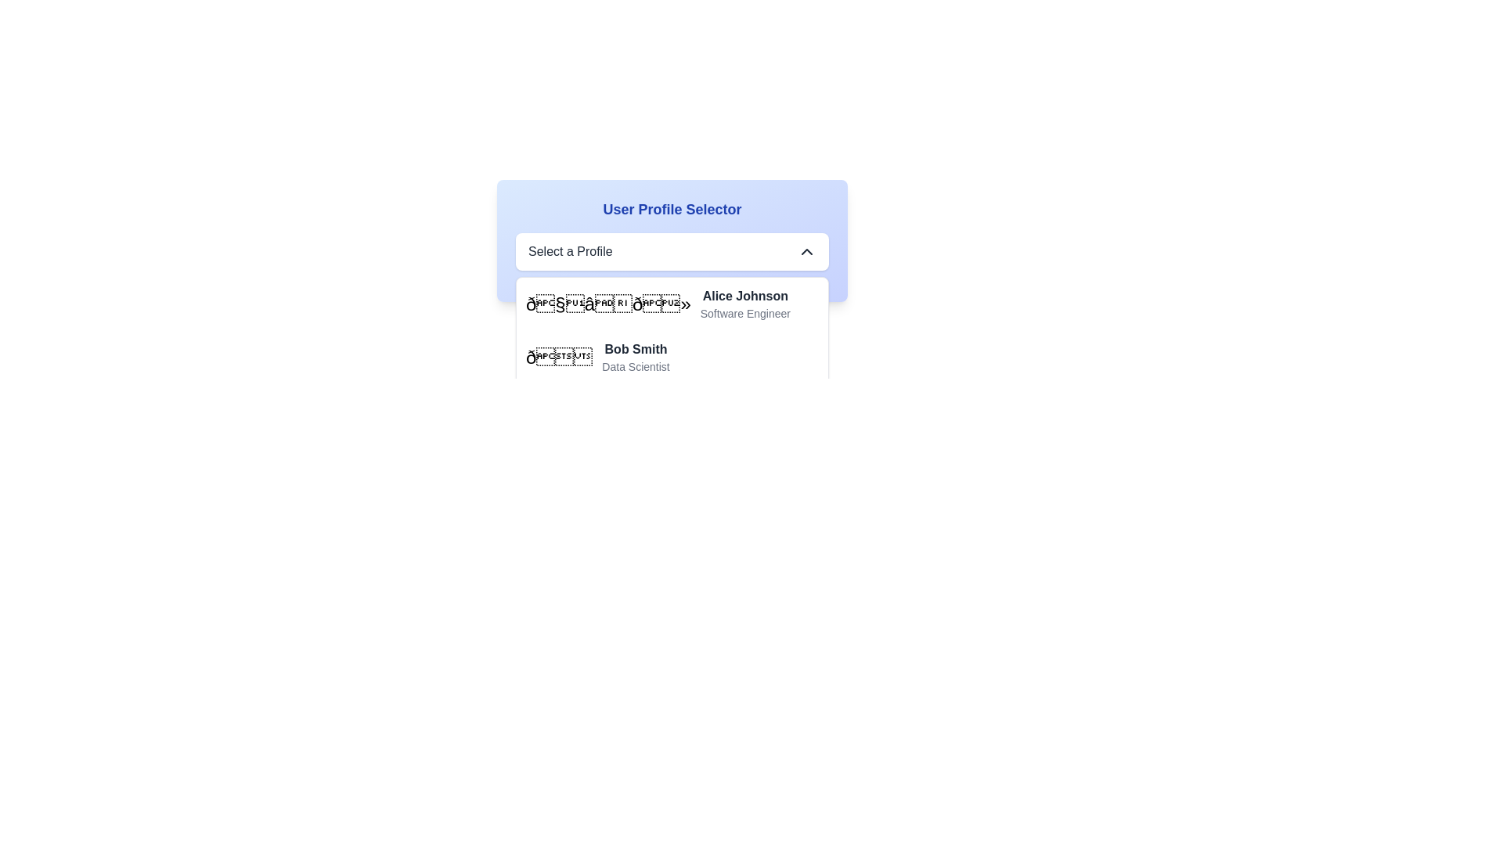 The height and width of the screenshot is (845, 1503). What do you see at coordinates (559, 357) in the screenshot?
I see `the large text icon resembling an envelope that represents a communication medium, positioned at the start of the row for 'Bob Smith', a Data Scientist` at bounding box center [559, 357].